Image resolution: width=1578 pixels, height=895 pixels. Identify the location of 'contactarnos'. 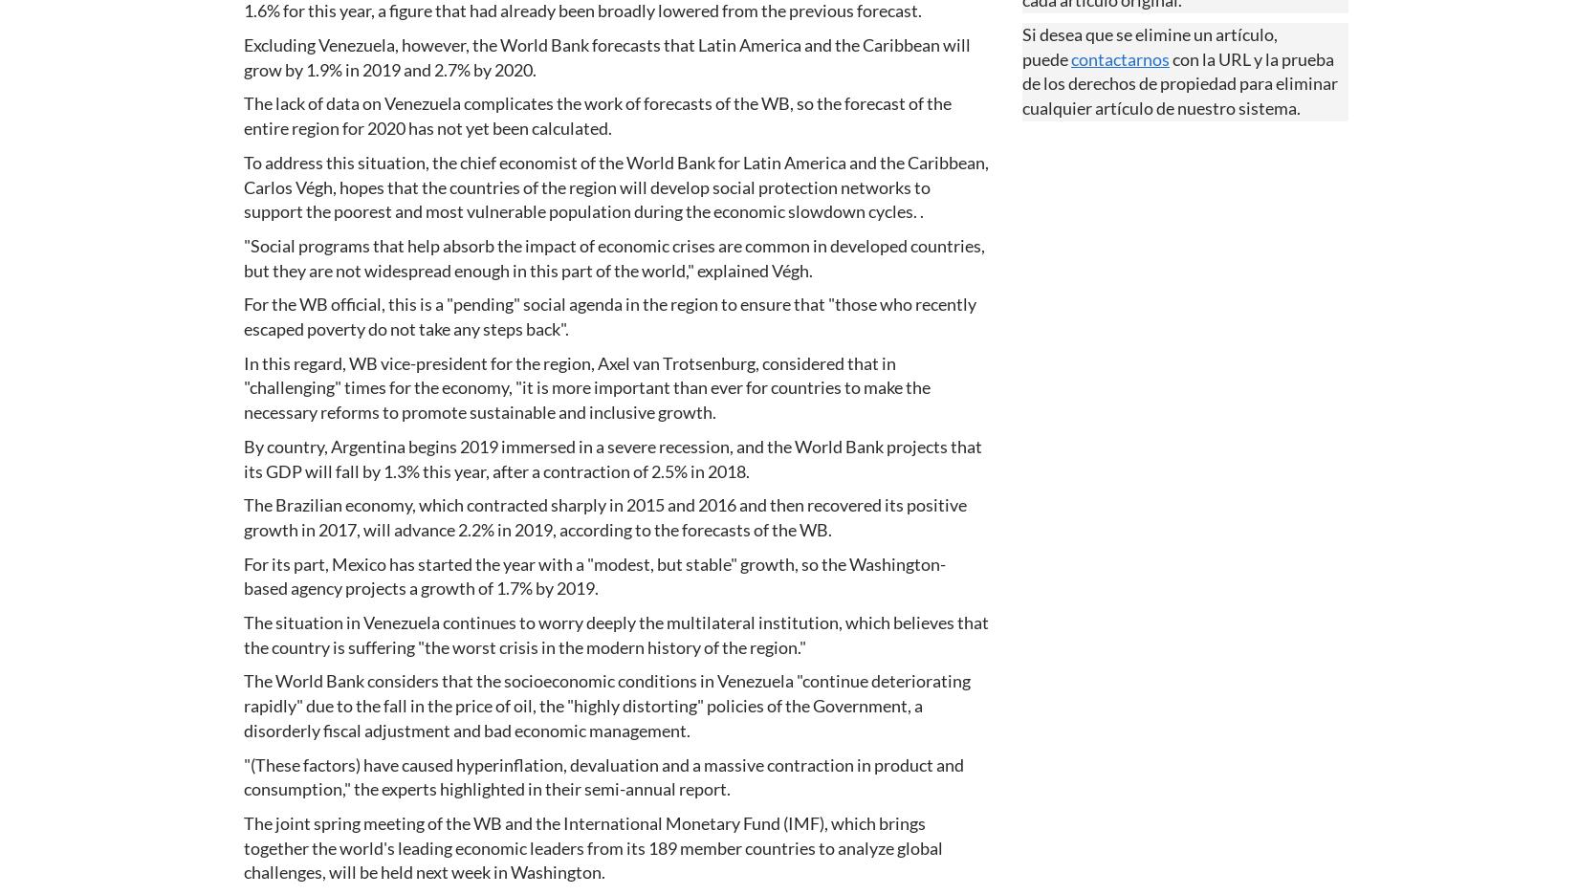
(1120, 58).